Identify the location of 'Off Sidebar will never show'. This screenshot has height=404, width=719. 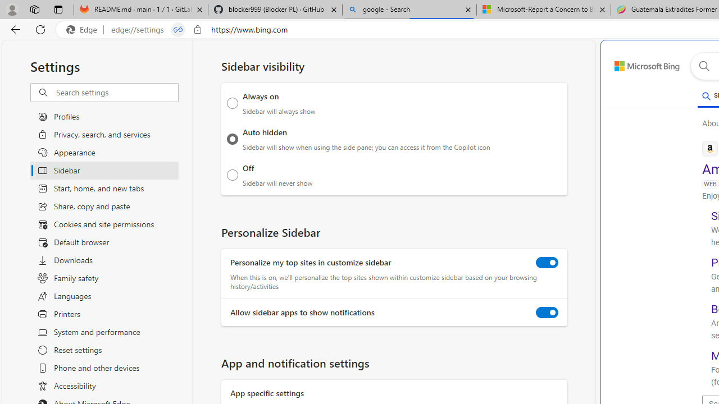
(232, 175).